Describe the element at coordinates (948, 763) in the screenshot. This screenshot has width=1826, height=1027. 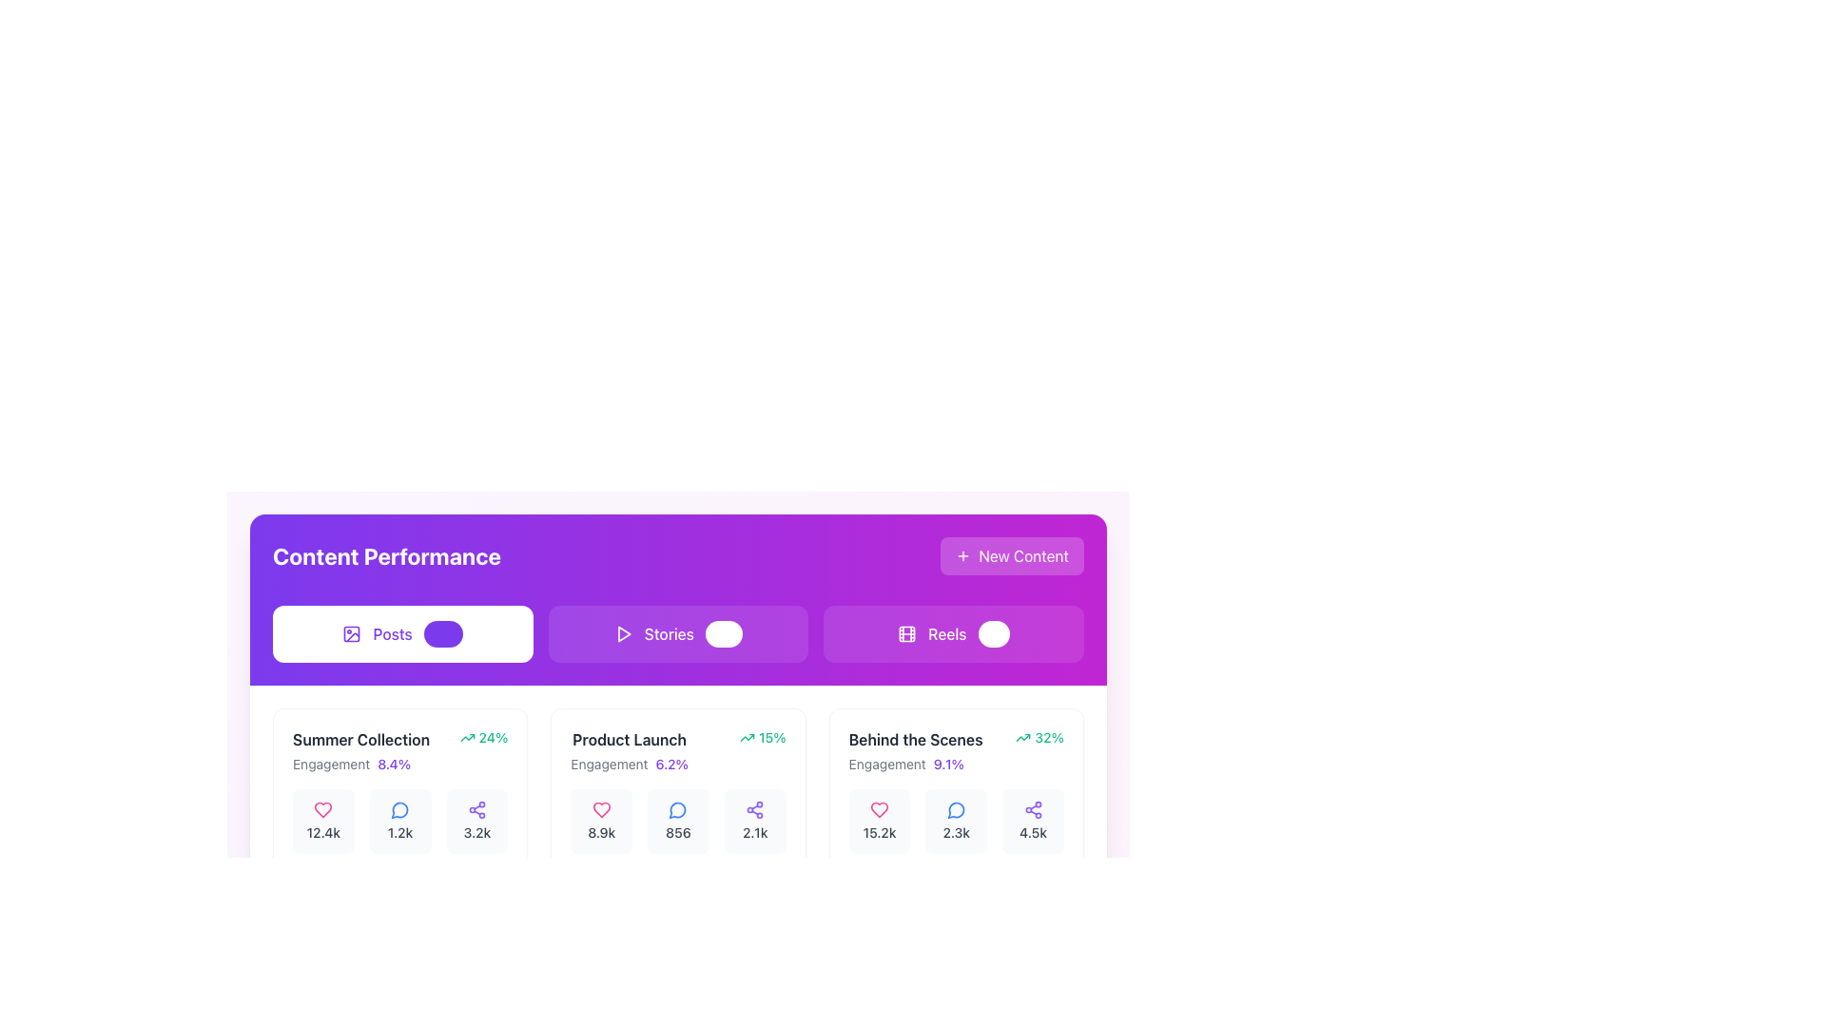
I see `the percentage value text indicating engagement rate, located to the right of the word 'Engagement' within the second card of the 'Content Performance' section` at that location.